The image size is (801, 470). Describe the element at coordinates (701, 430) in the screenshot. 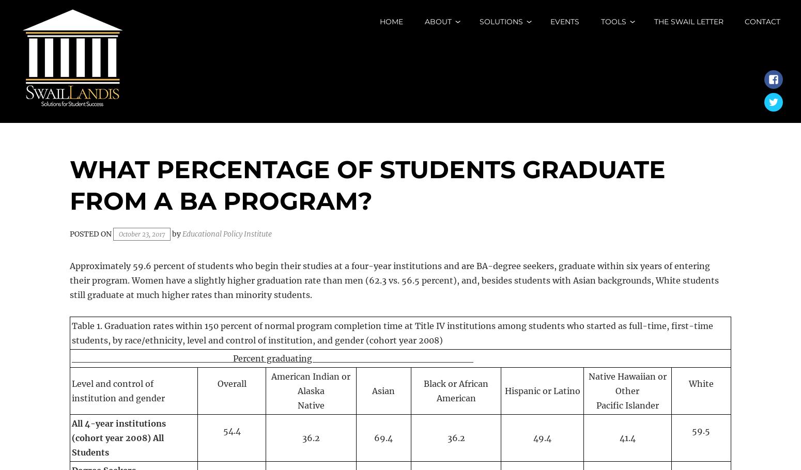

I see `'59.5'` at that location.